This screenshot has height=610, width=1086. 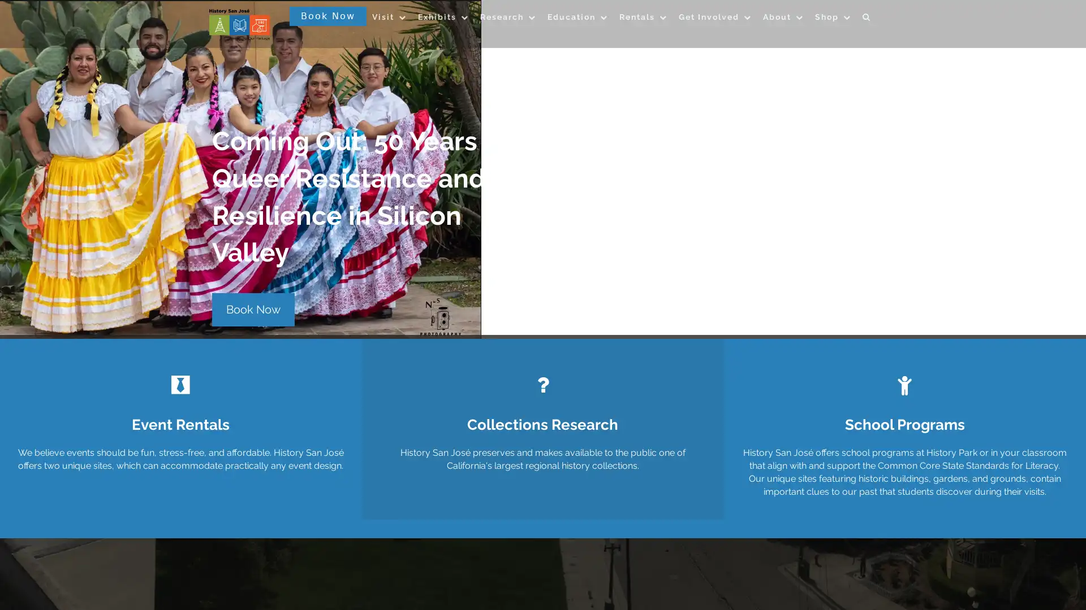 I want to click on Sign Up!, so click(x=543, y=429).